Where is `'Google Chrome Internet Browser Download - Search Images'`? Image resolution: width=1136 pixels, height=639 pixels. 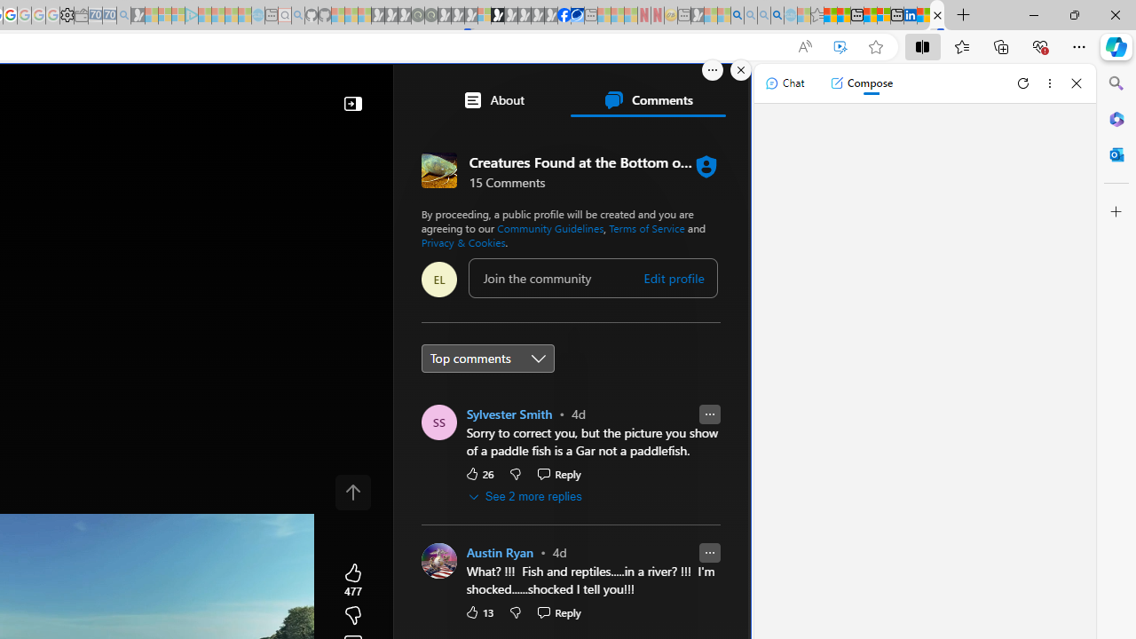
'Google Chrome Internet Browser Download - Search Images' is located at coordinates (777, 15).